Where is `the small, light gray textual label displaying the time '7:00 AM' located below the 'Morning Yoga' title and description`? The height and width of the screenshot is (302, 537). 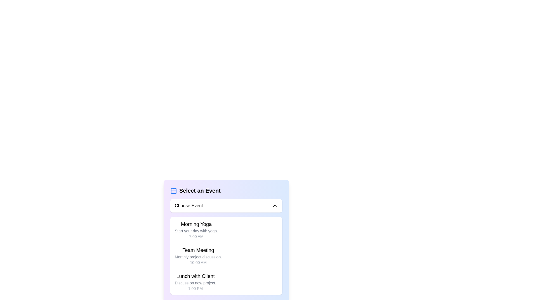
the small, light gray textual label displaying the time '7:00 AM' located below the 'Morning Yoga' title and description is located at coordinates (196, 236).